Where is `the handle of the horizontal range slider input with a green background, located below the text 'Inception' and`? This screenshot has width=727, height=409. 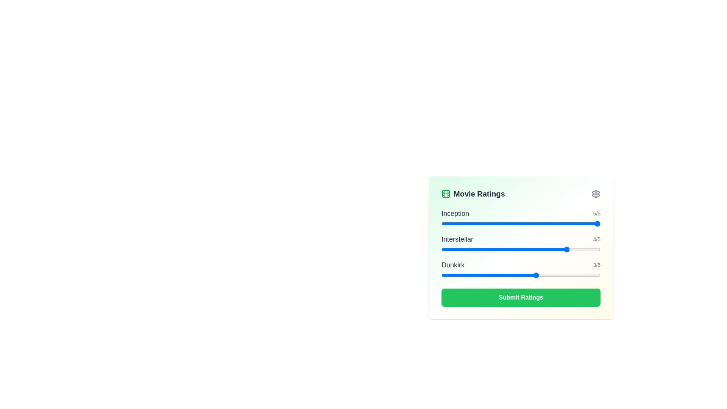
the handle of the horizontal range slider input with a green background, located below the text 'Inception' and is located at coordinates (521, 223).